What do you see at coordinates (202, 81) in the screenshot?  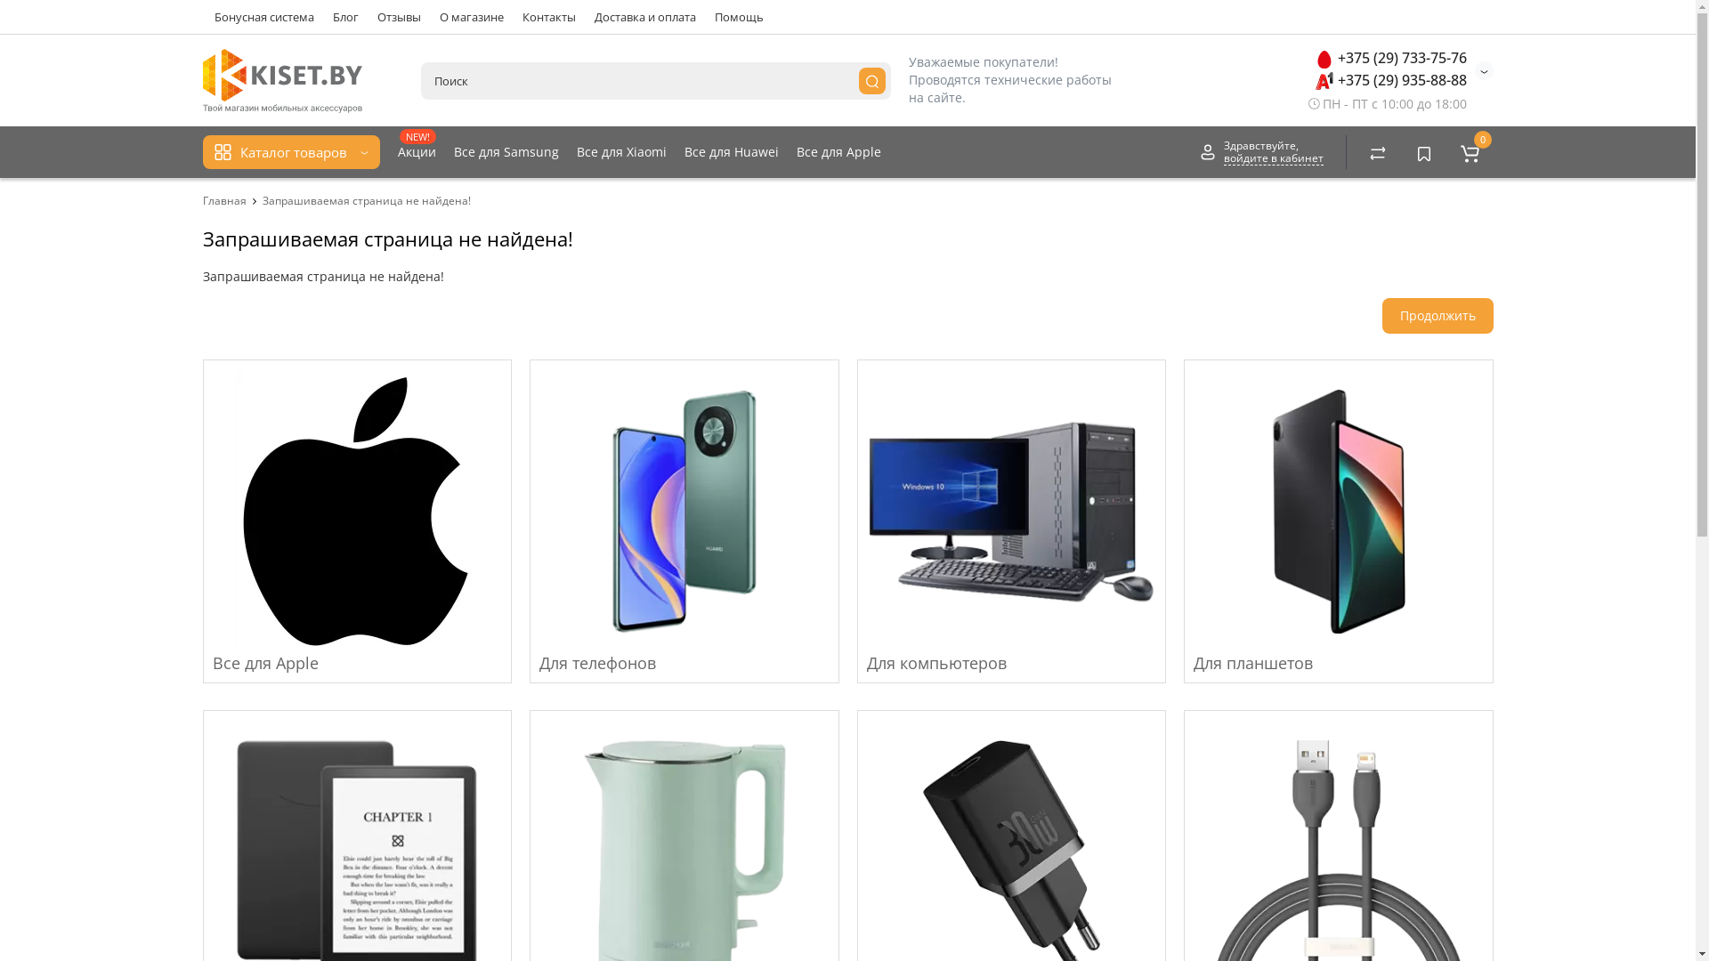 I see `'KISET.BY'` at bounding box center [202, 81].